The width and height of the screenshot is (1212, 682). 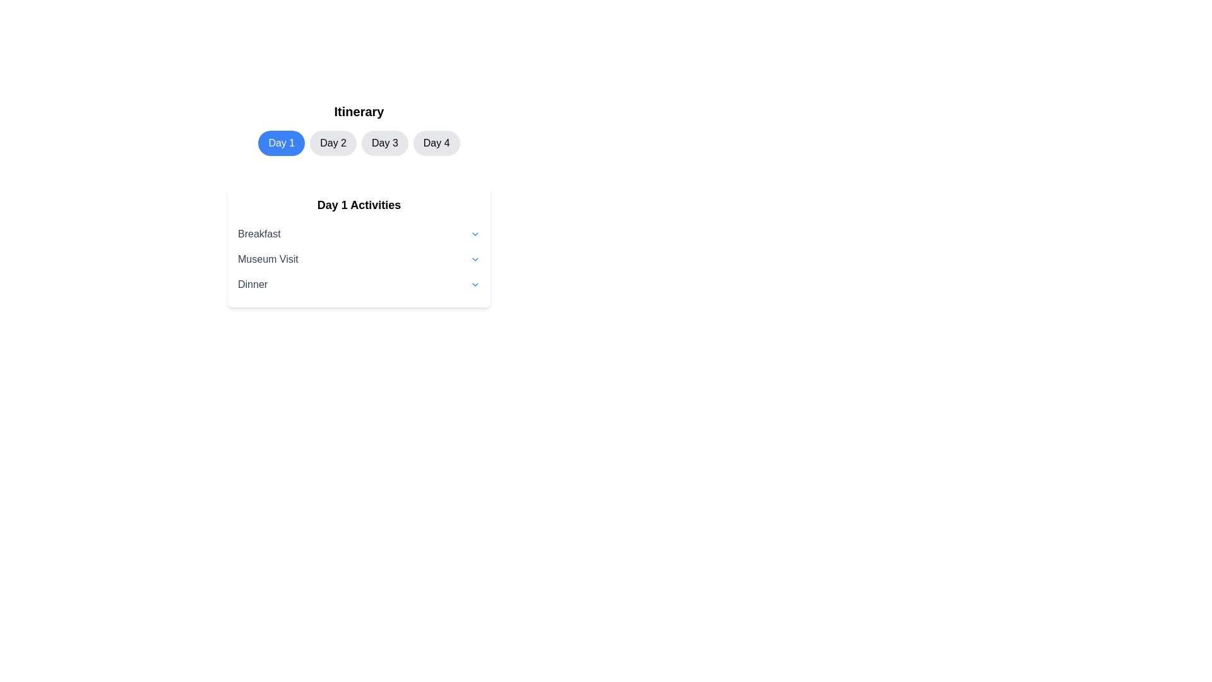 I want to click on the second static text label displaying the name of an activity in the 'Day 1 Activities' section, which is located below 'Breakfast' and above 'Dinner', so click(x=267, y=259).